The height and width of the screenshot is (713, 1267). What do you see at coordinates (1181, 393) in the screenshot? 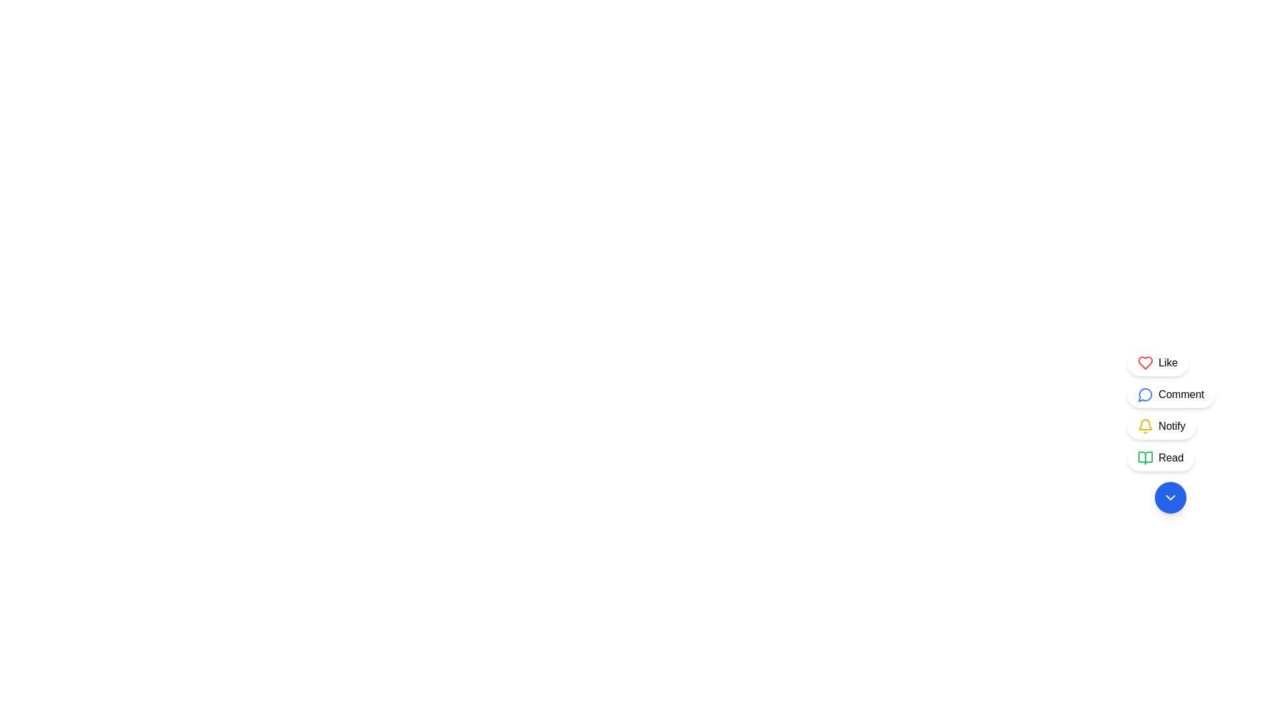
I see `the 'Comment' button, which is displayed in bold black text on a white rounded rectangular background with a blue speech bubble icon to its left, located as the second option in a vertical list on the right side of the interface` at bounding box center [1181, 393].